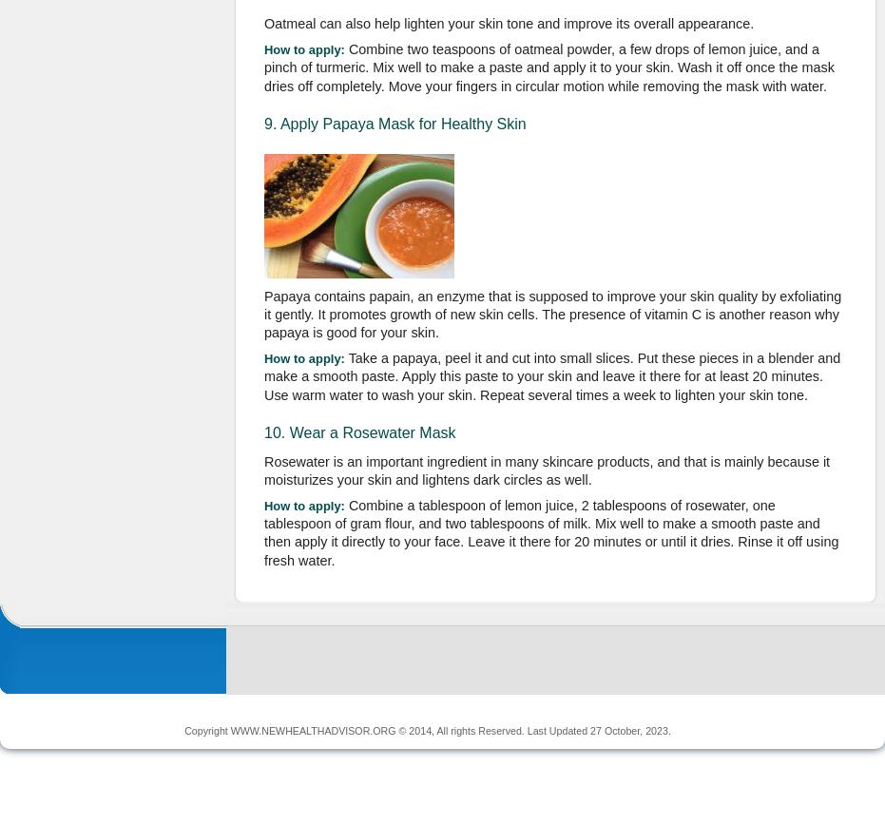 The image size is (885, 824). I want to click on 'Oatmeal can also help lighten your skin tone and improve its overall appearance.', so click(508, 23).